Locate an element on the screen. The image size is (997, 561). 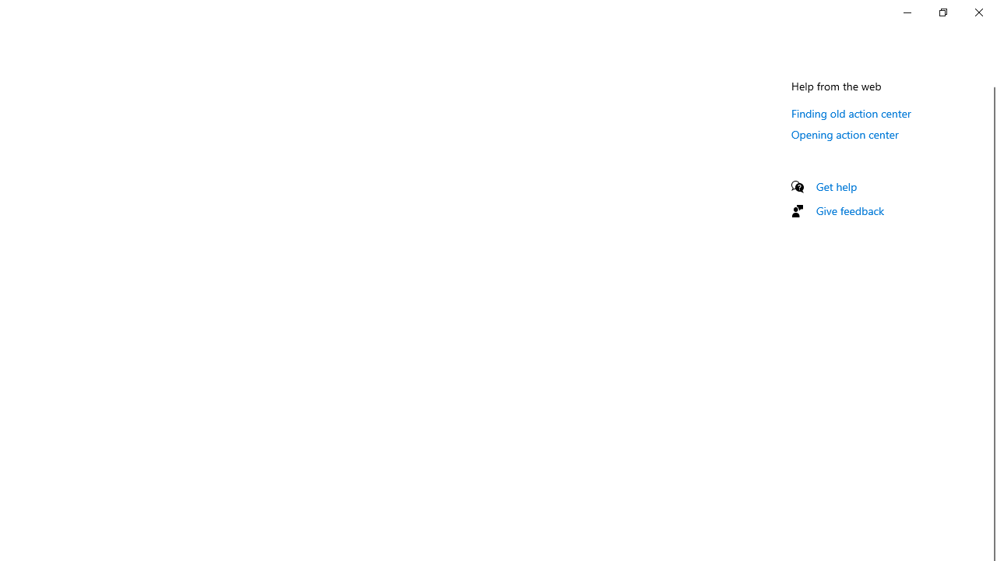
'Vertical Small Decrease' is located at coordinates (990, 81).